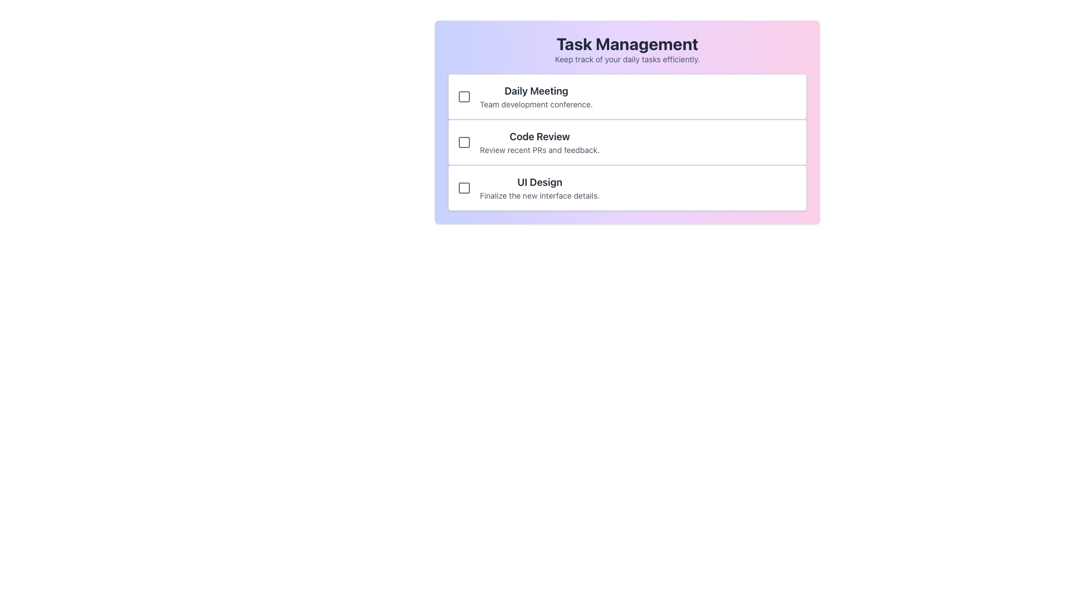 This screenshot has height=601, width=1069. What do you see at coordinates (464, 96) in the screenshot?
I see `the outlined square icon located to the left of the 'Daily Meeting' text in the first item of the list` at bounding box center [464, 96].